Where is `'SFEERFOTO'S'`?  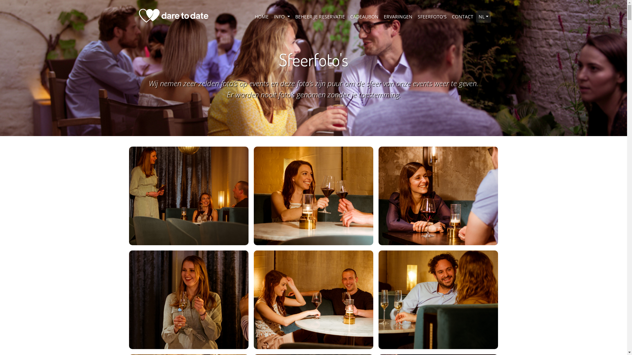 'SFEERFOTO'S' is located at coordinates (432, 16).